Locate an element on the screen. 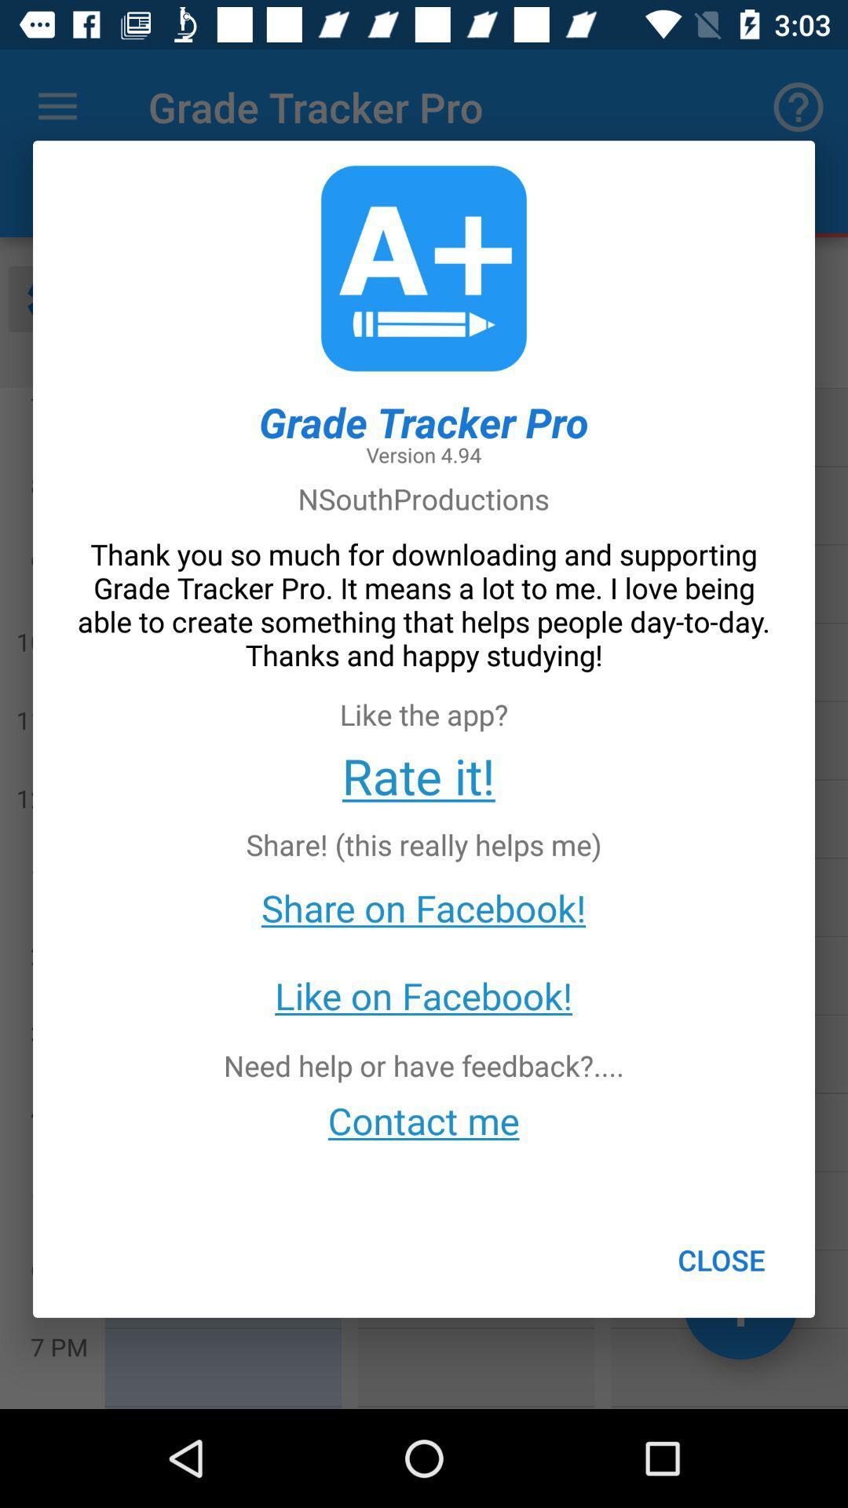 This screenshot has height=1508, width=848. the item below the rate it! is located at coordinates (722, 1260).